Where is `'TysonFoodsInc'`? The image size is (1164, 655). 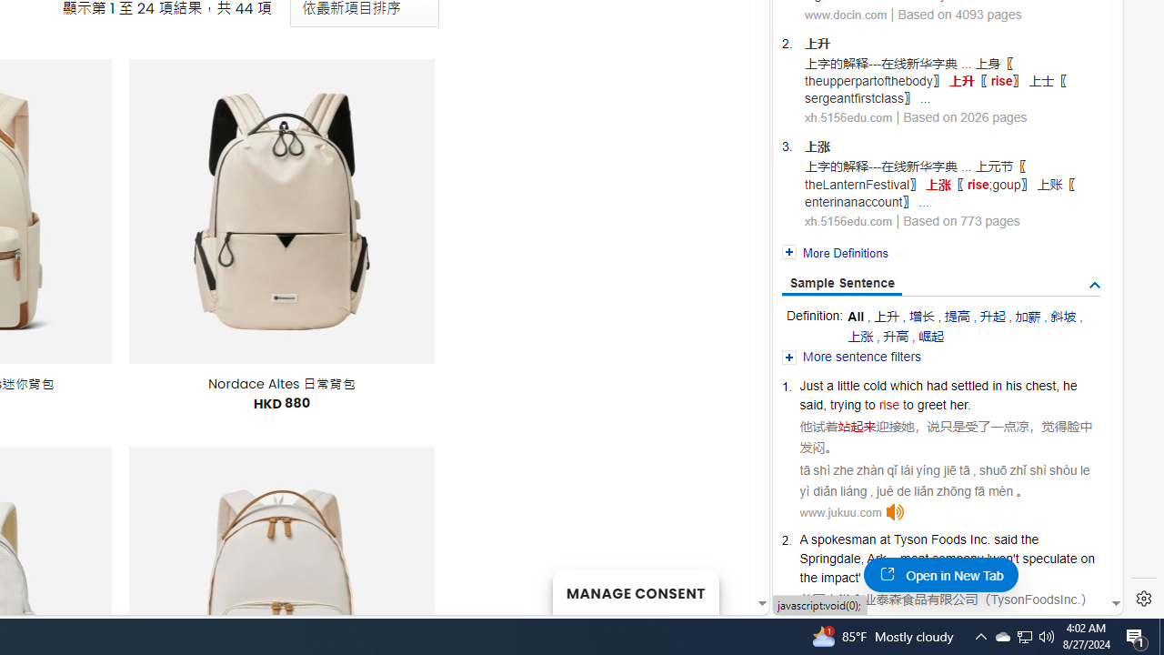
'TysonFoodsInc' is located at coordinates (1034, 599).